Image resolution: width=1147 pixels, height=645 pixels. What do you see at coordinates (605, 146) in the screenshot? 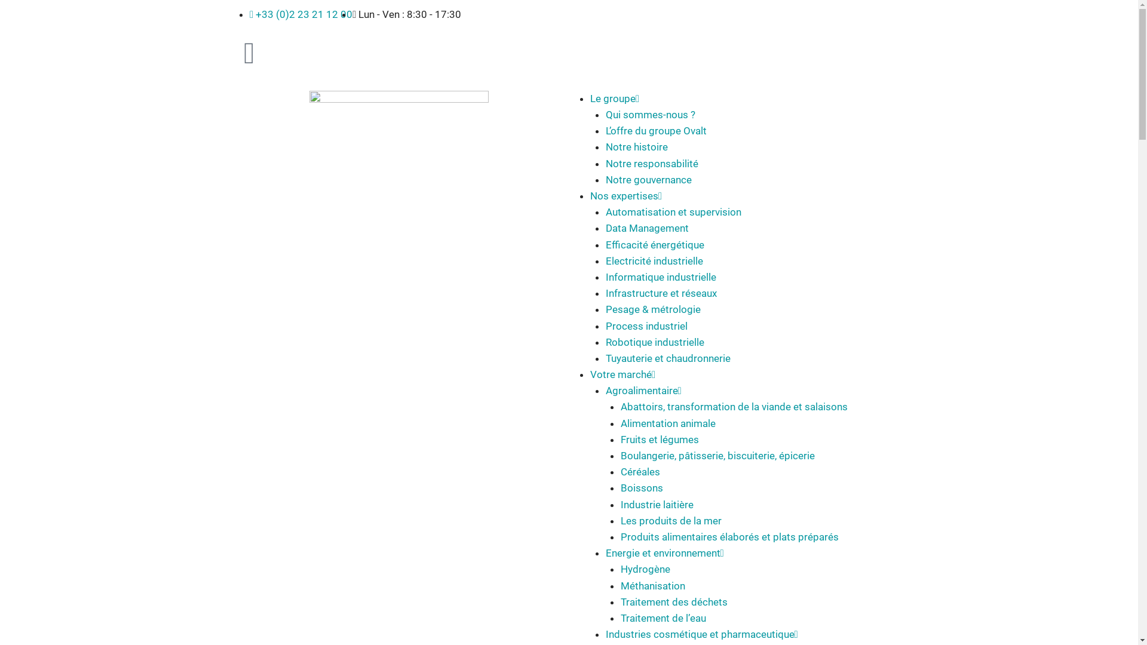
I see `'Notre histoire'` at bounding box center [605, 146].